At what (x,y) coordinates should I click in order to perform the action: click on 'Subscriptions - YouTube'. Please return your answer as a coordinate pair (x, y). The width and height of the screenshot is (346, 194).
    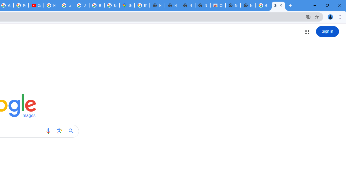
    Looking at the image, I should click on (36, 5).